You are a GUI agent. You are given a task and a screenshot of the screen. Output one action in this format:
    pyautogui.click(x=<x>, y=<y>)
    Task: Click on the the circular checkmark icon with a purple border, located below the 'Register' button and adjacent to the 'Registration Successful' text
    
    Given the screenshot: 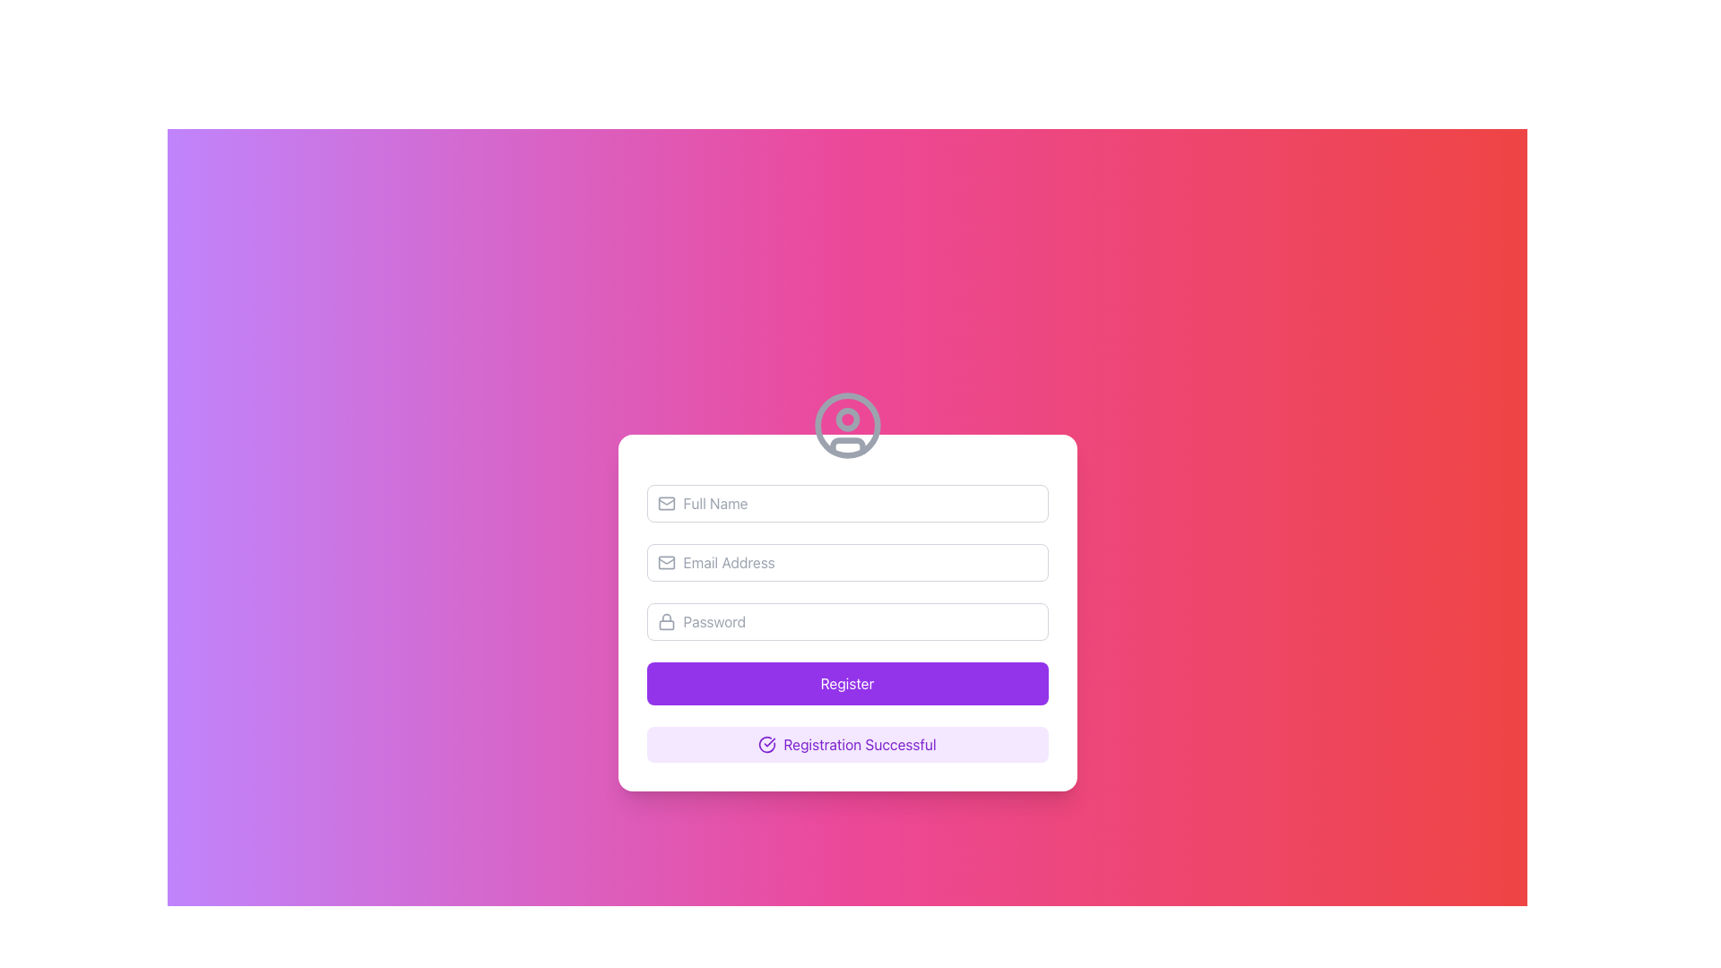 What is the action you would take?
    pyautogui.click(x=767, y=744)
    